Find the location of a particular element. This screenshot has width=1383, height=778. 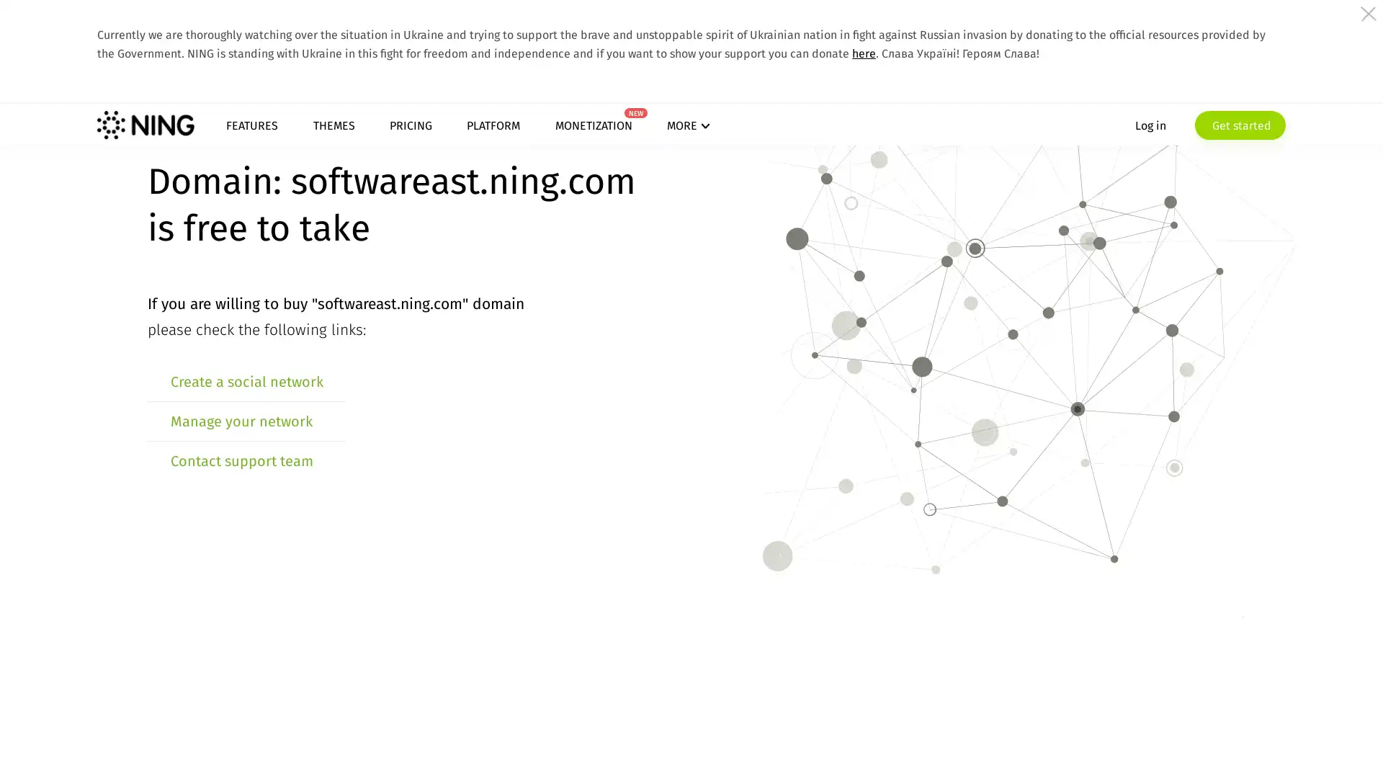

Get started is located at coordinates (1106, 147).